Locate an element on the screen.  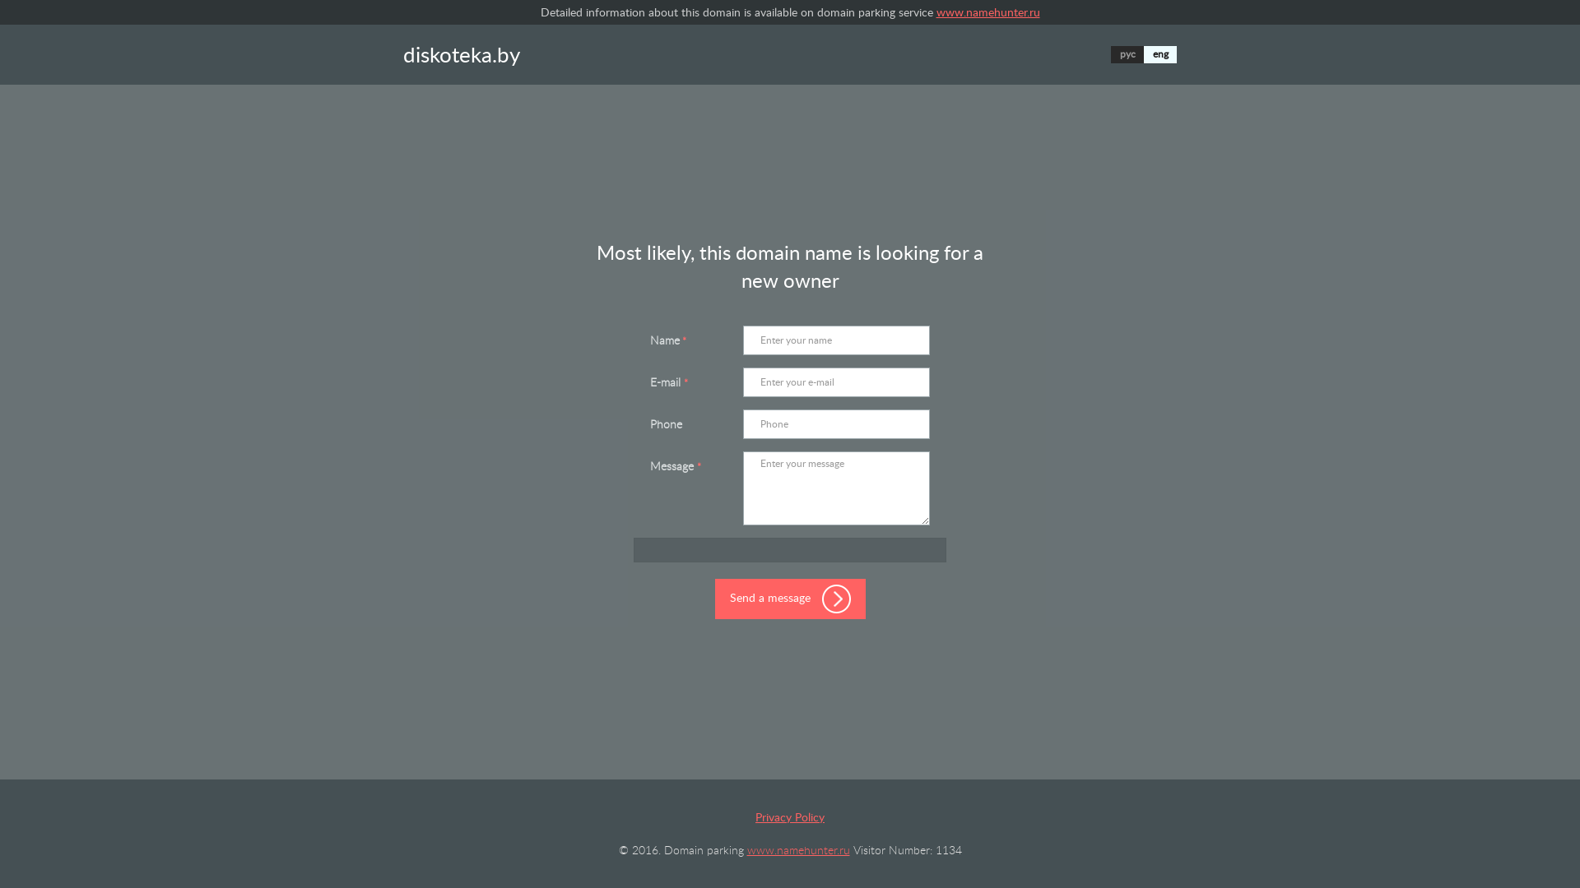
'Send a message' is located at coordinates (788, 599).